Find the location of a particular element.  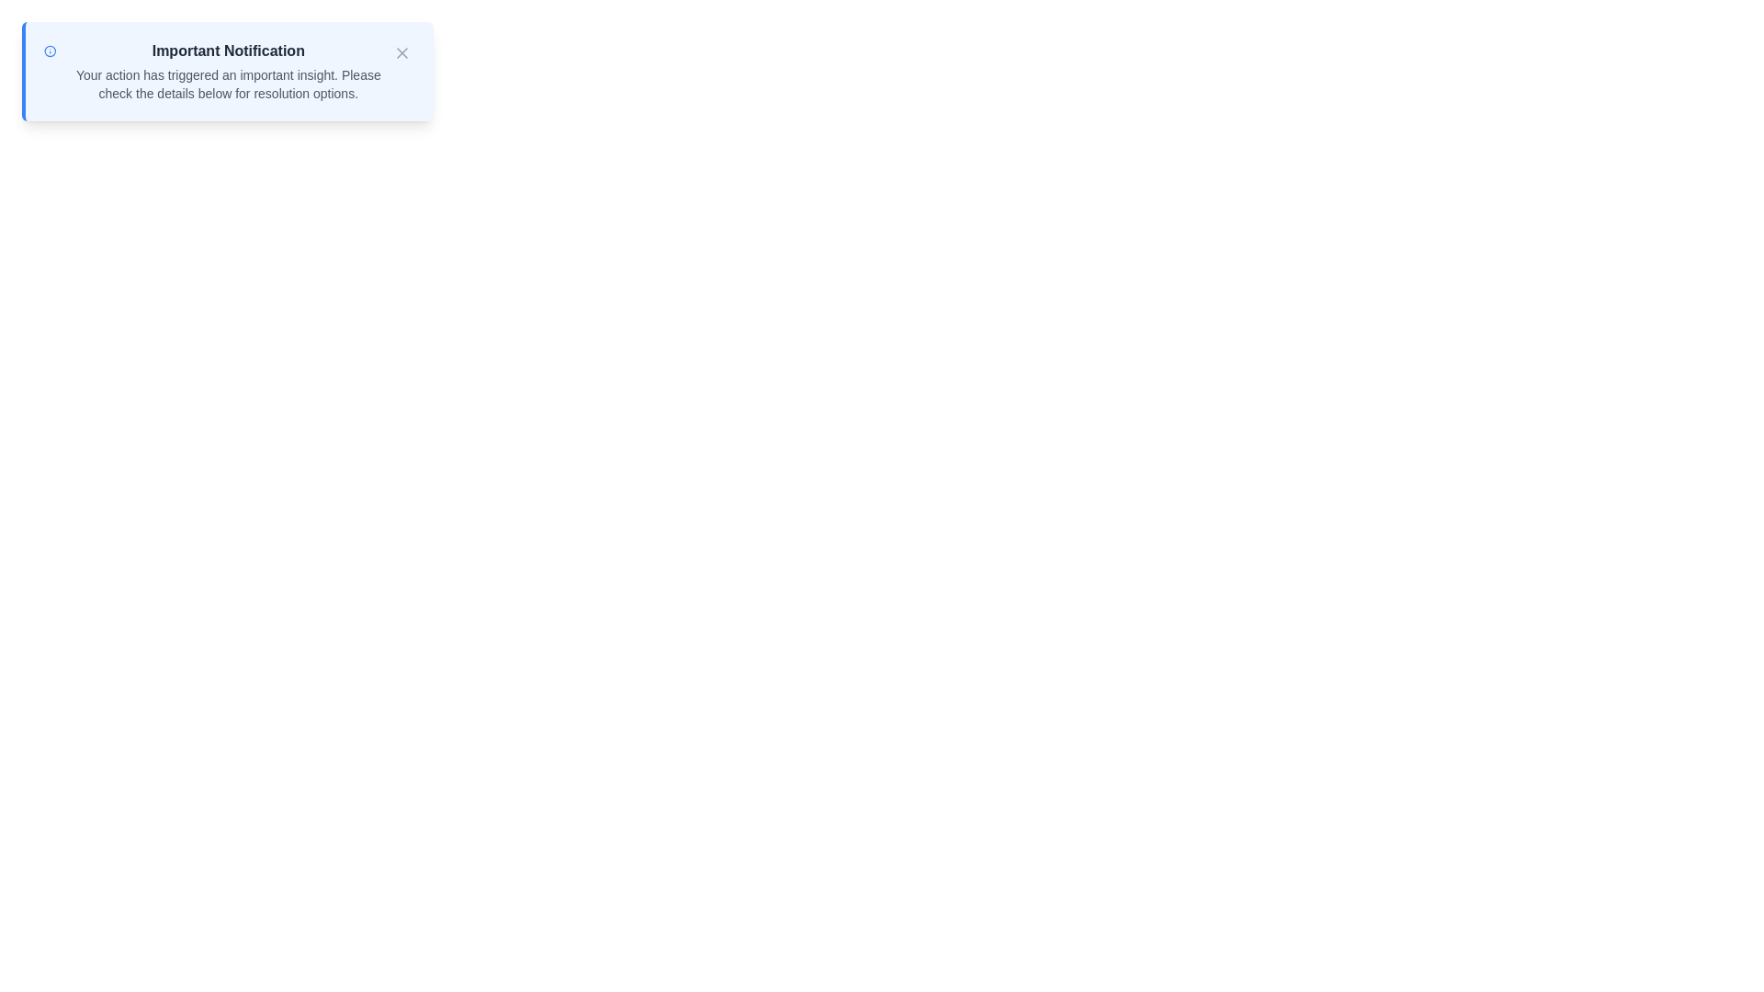

the text within the notification is located at coordinates (227, 70).